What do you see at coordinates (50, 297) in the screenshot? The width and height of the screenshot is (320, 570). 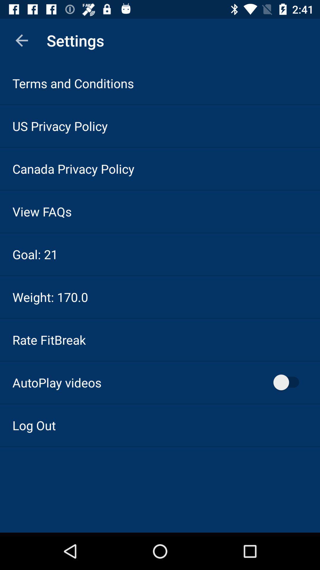 I see `the weight: 170.0 icon` at bounding box center [50, 297].